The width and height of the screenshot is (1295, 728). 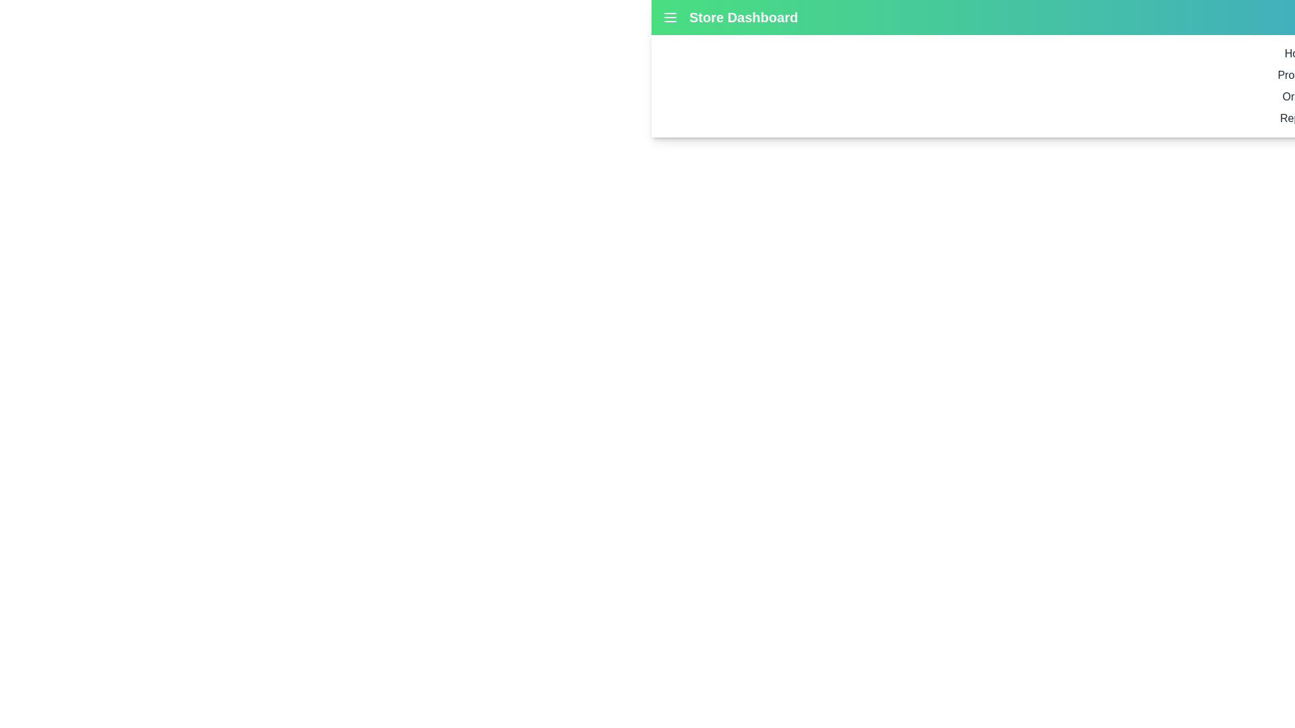 I want to click on the menu icon located at the far left of the header, preceding the 'Store Dashboard' text, so click(x=670, y=18).